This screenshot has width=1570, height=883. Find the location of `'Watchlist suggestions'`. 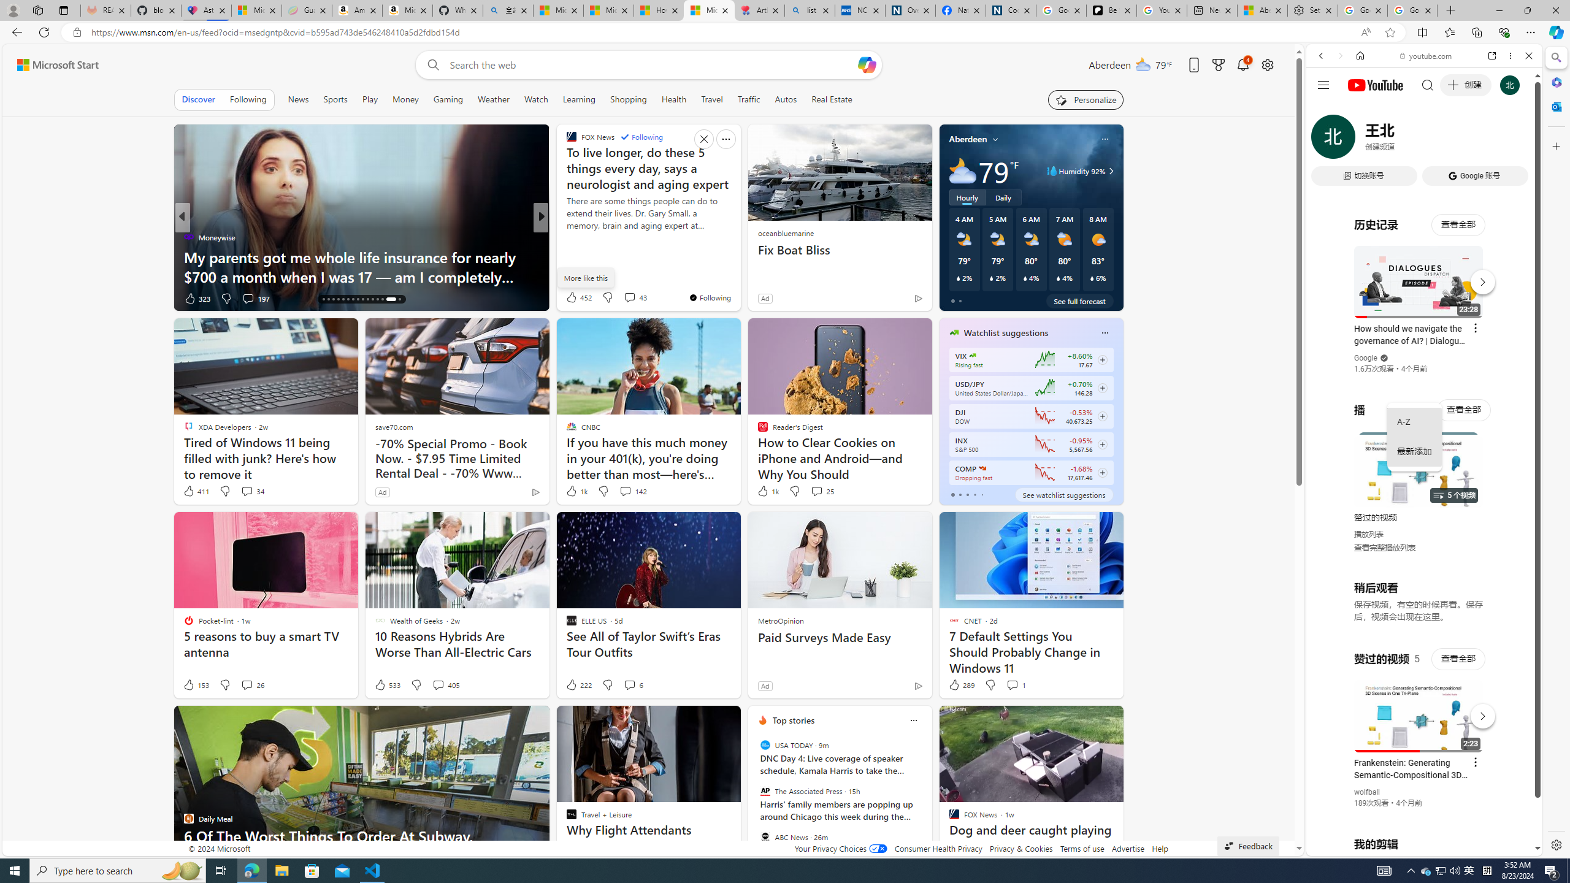

'Watchlist suggestions' is located at coordinates (1005, 332).